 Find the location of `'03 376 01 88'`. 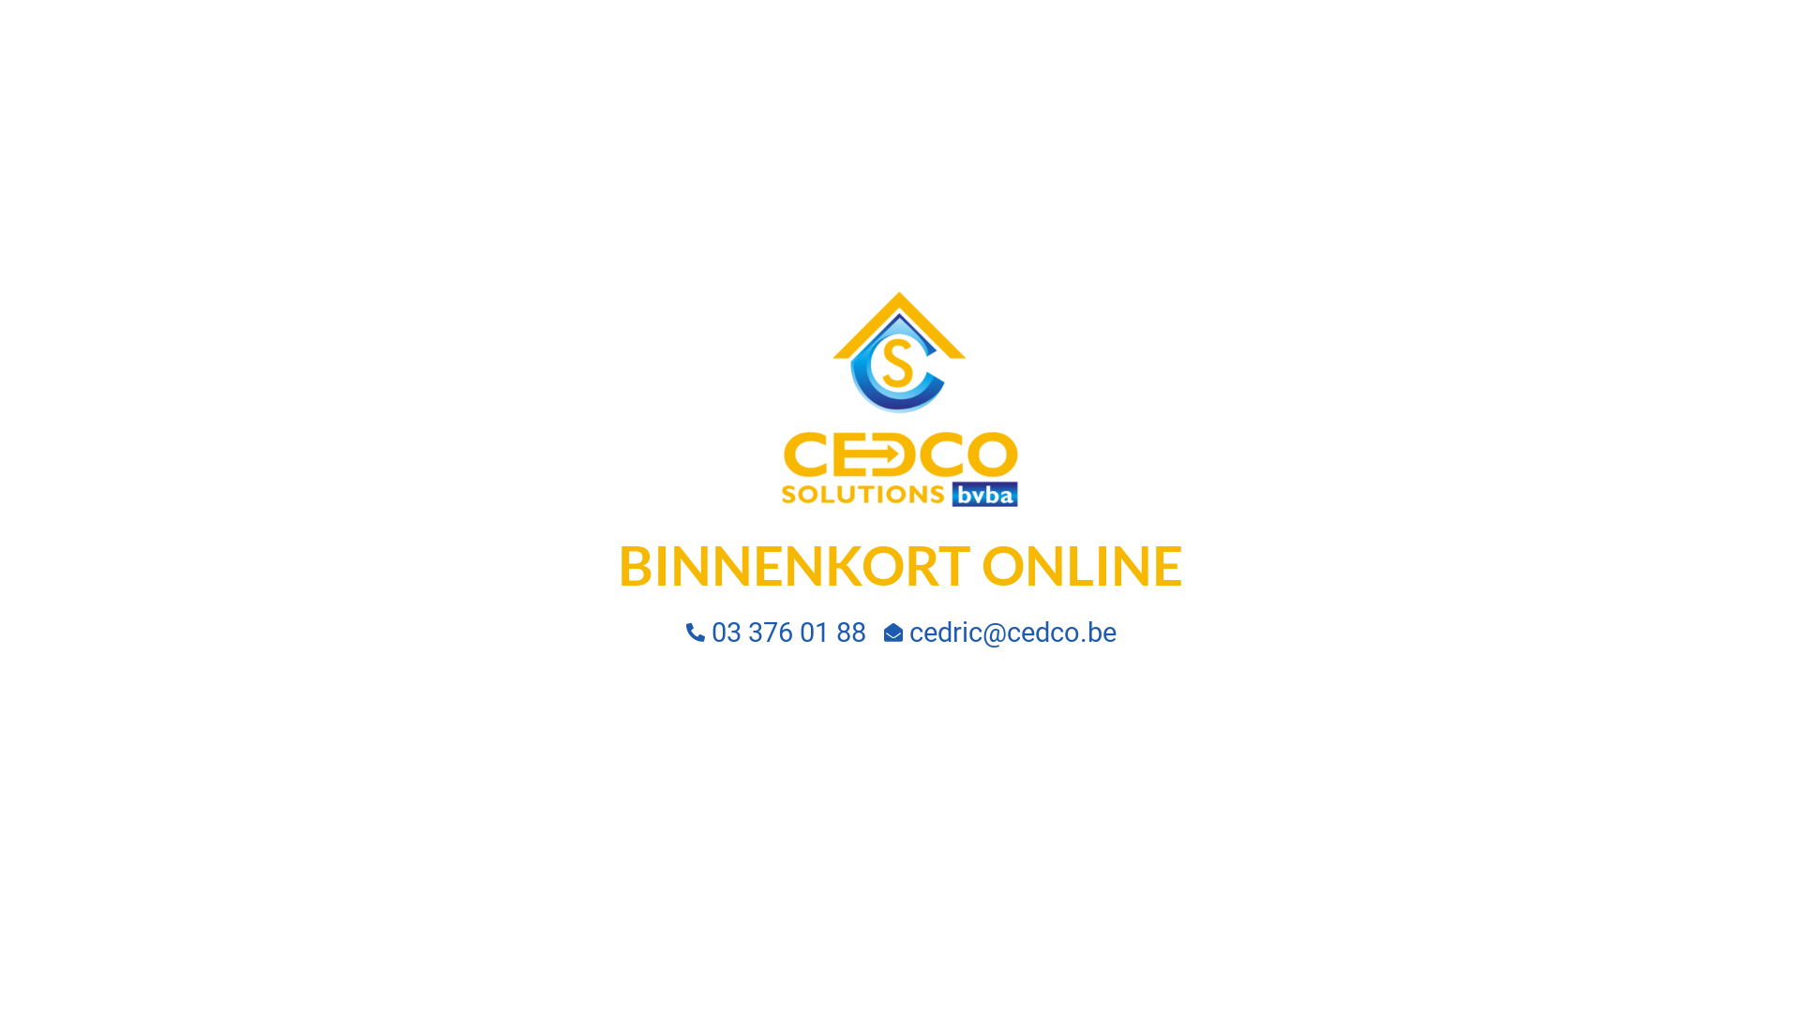

'03 376 01 88' is located at coordinates (774, 632).